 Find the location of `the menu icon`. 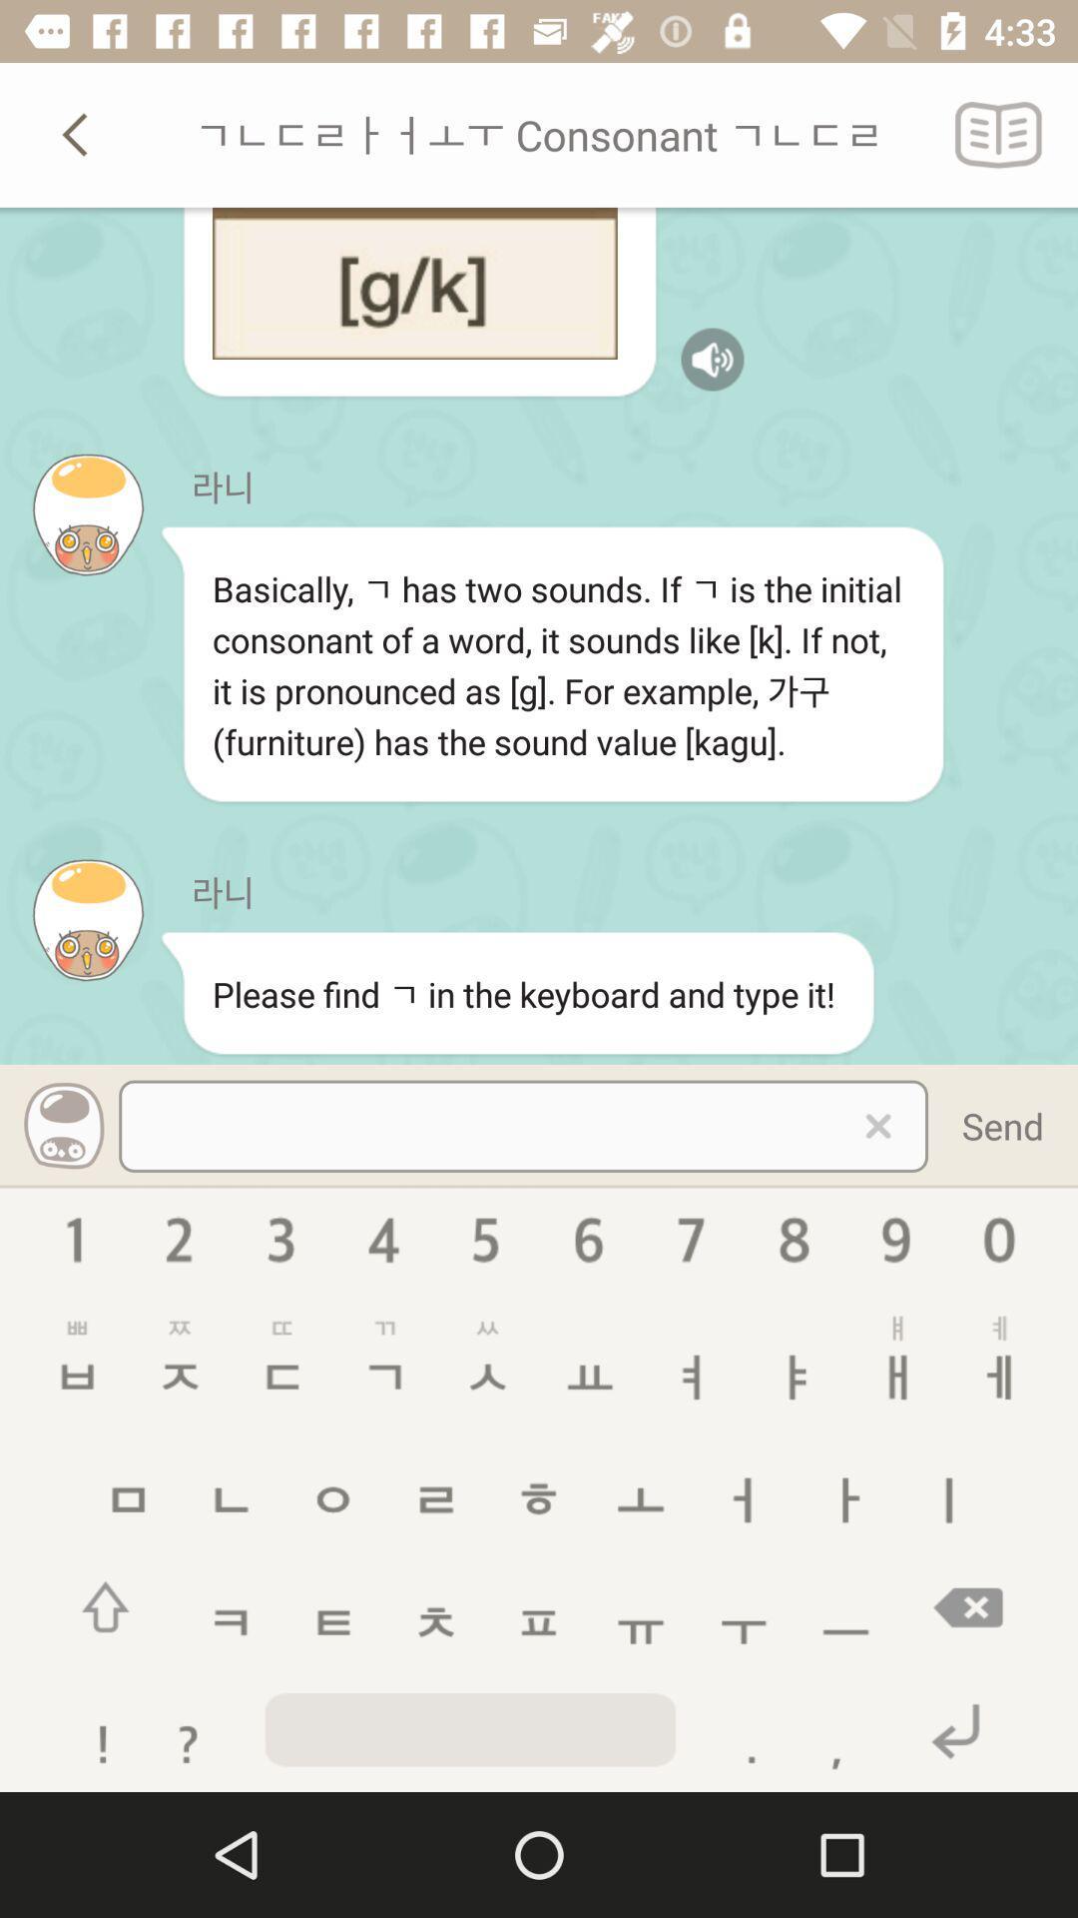

the menu icon is located at coordinates (434, 1484).